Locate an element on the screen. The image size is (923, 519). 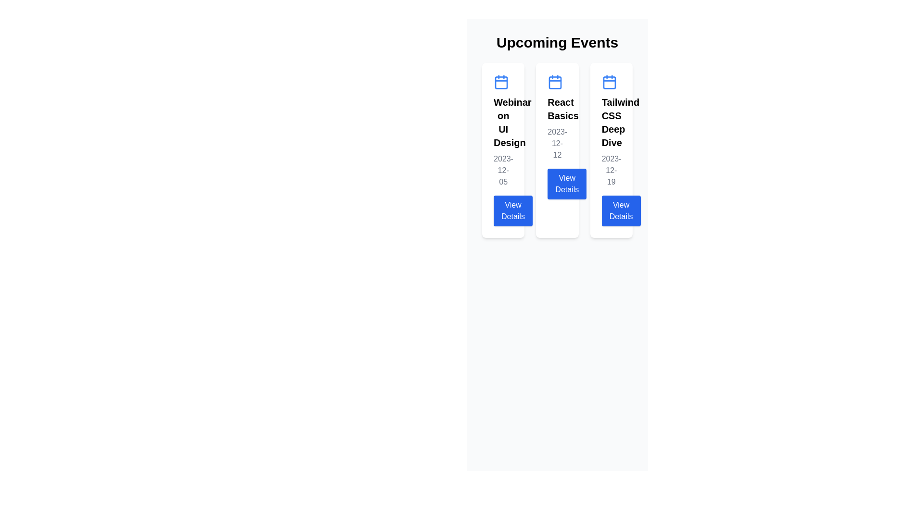
the calendar icon at the top center of the 'Tailwind CSS Deep Dive' event information card is located at coordinates (609, 81).